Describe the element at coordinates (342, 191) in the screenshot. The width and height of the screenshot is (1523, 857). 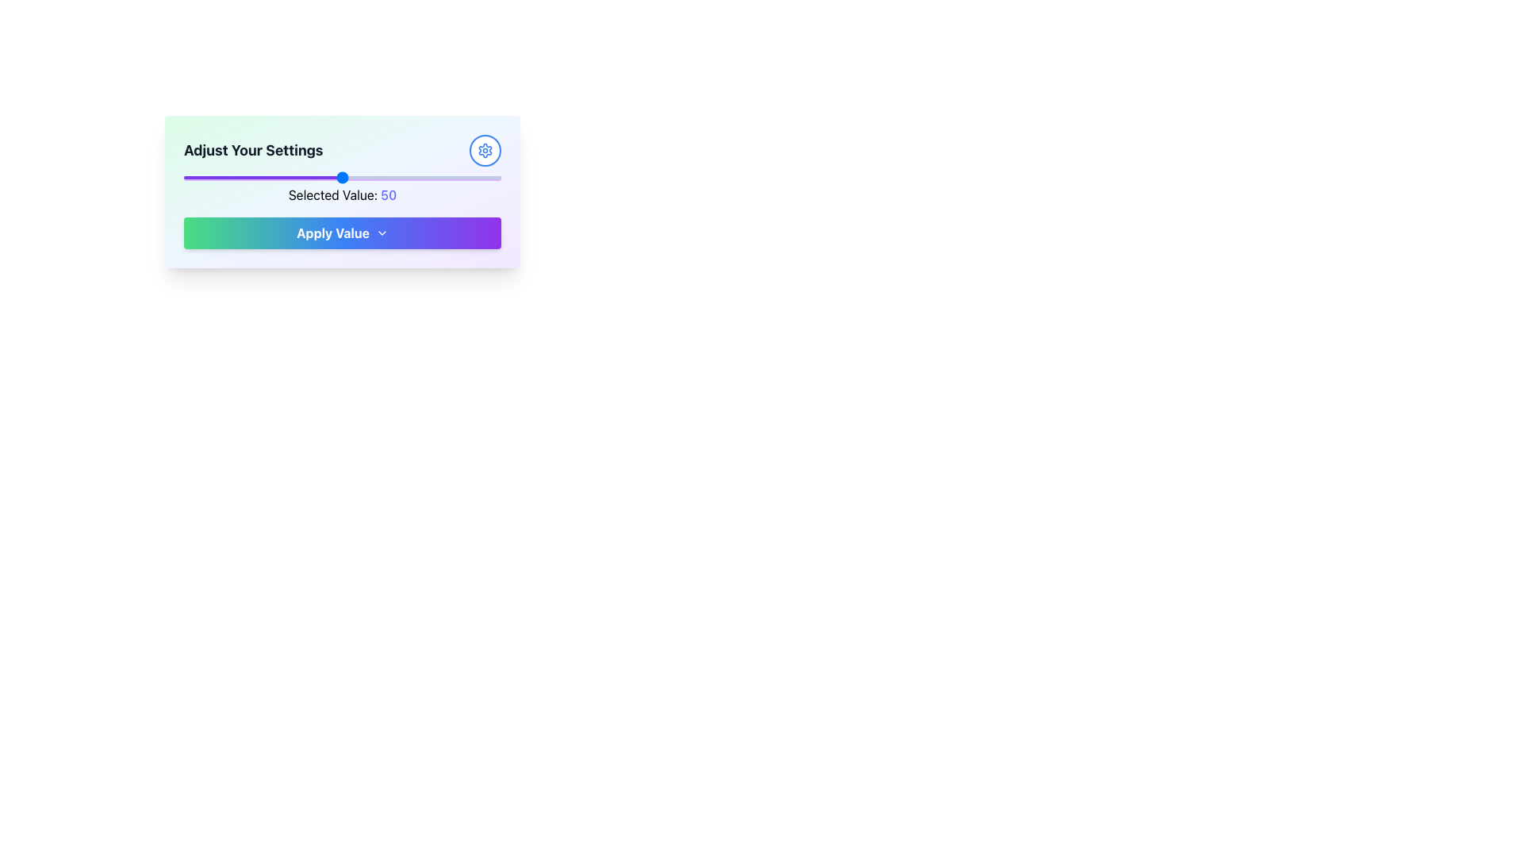
I see `the action button within the rectangular card that has a gradient background from green to purple, rounded corners, and shadowing for depth` at that location.